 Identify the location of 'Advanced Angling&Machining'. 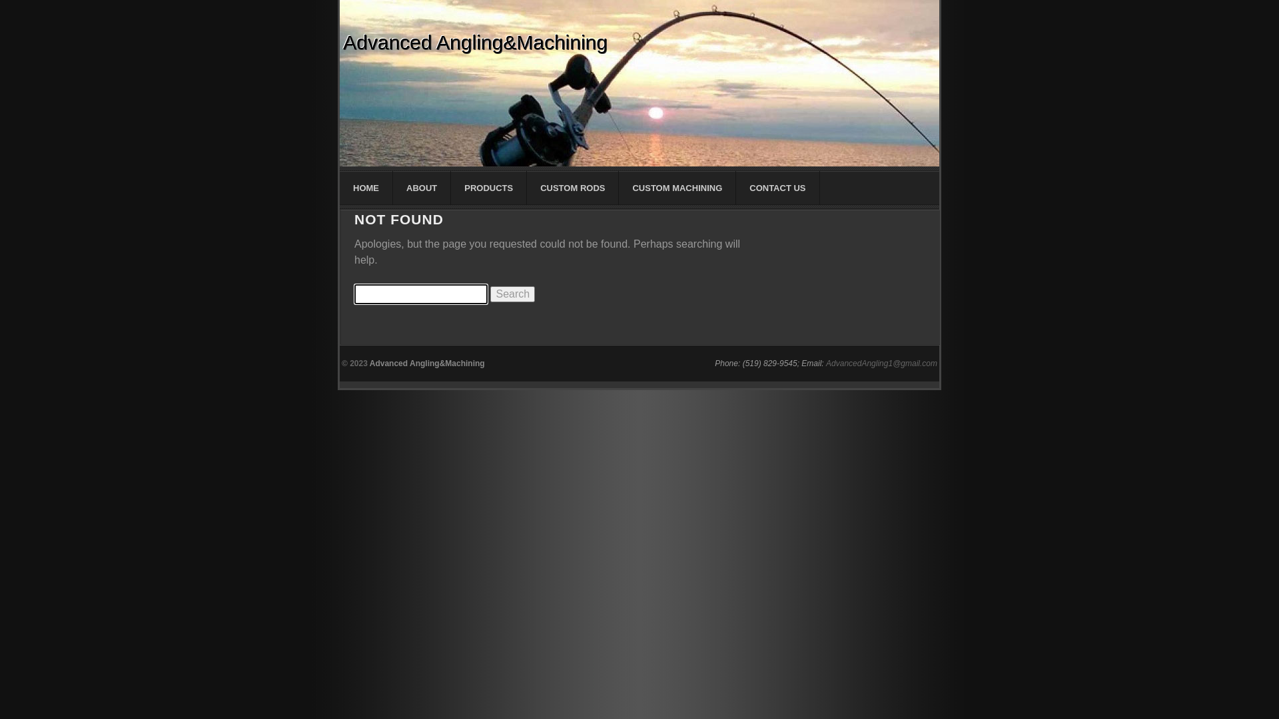
(475, 42).